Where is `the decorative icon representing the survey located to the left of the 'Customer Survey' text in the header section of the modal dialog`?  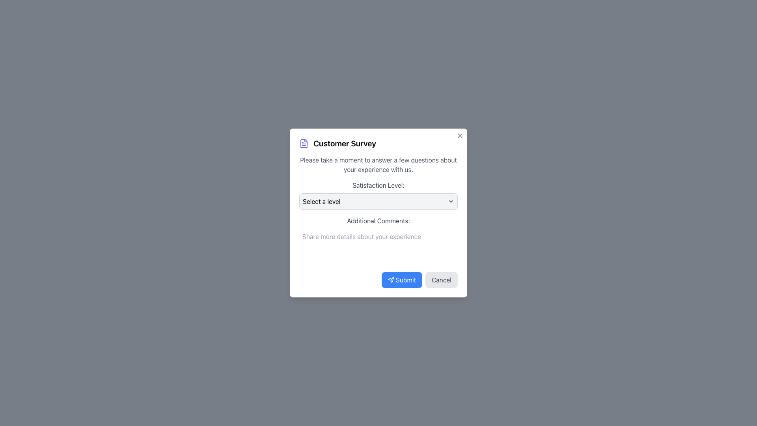
the decorative icon representing the survey located to the left of the 'Customer Survey' text in the header section of the modal dialog is located at coordinates (304, 143).